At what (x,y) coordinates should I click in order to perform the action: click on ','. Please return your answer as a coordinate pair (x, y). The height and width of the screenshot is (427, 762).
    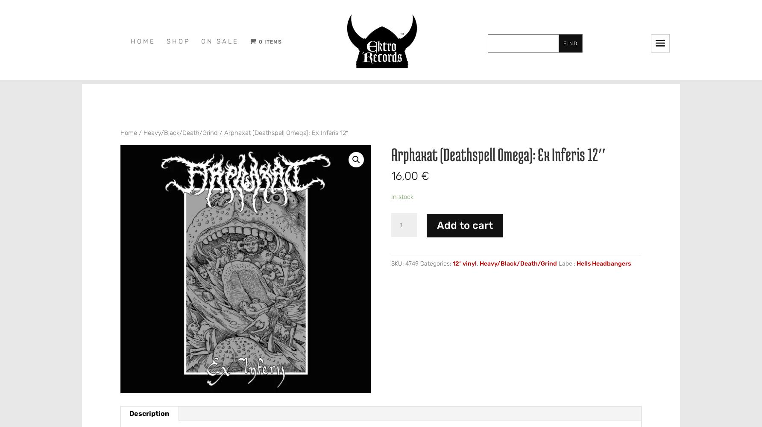
    Looking at the image, I should click on (478, 263).